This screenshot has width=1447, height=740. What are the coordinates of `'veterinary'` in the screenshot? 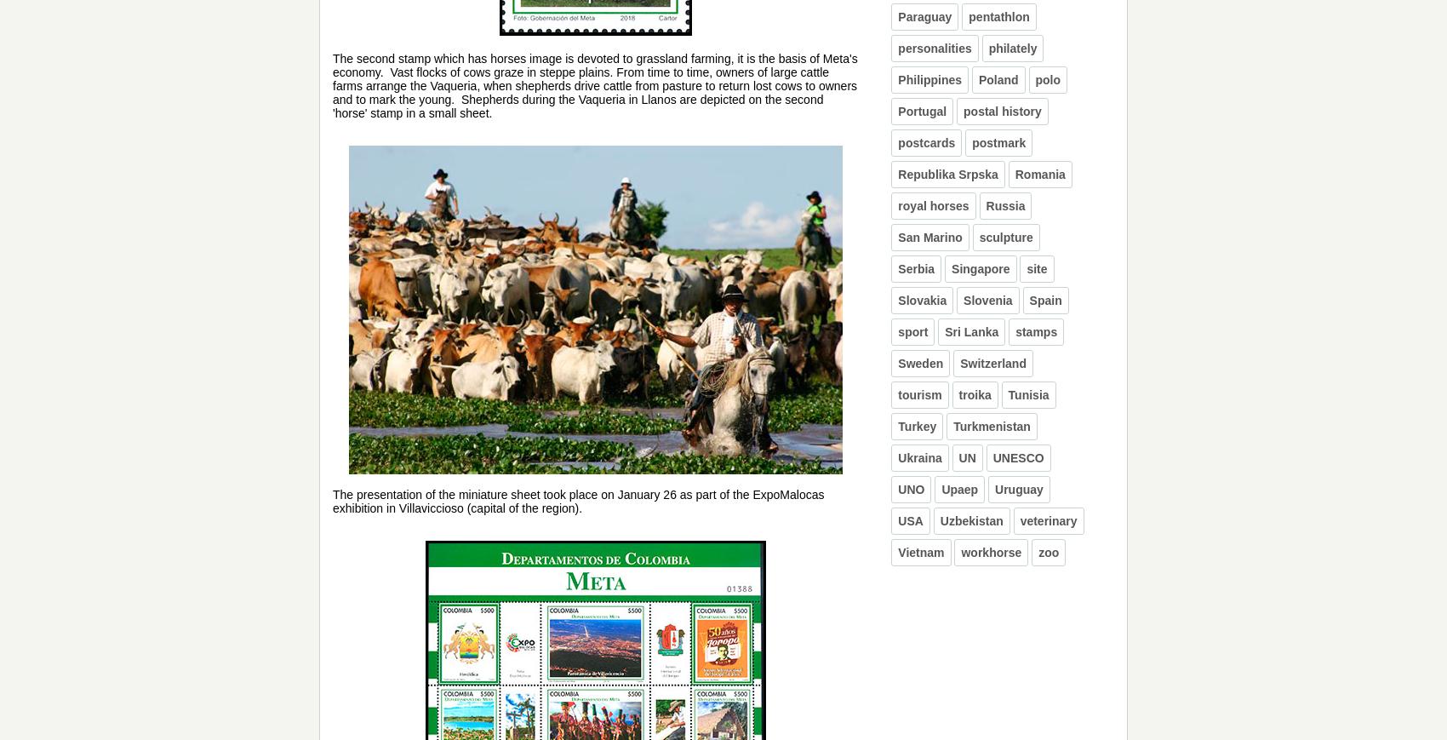 It's located at (1047, 521).